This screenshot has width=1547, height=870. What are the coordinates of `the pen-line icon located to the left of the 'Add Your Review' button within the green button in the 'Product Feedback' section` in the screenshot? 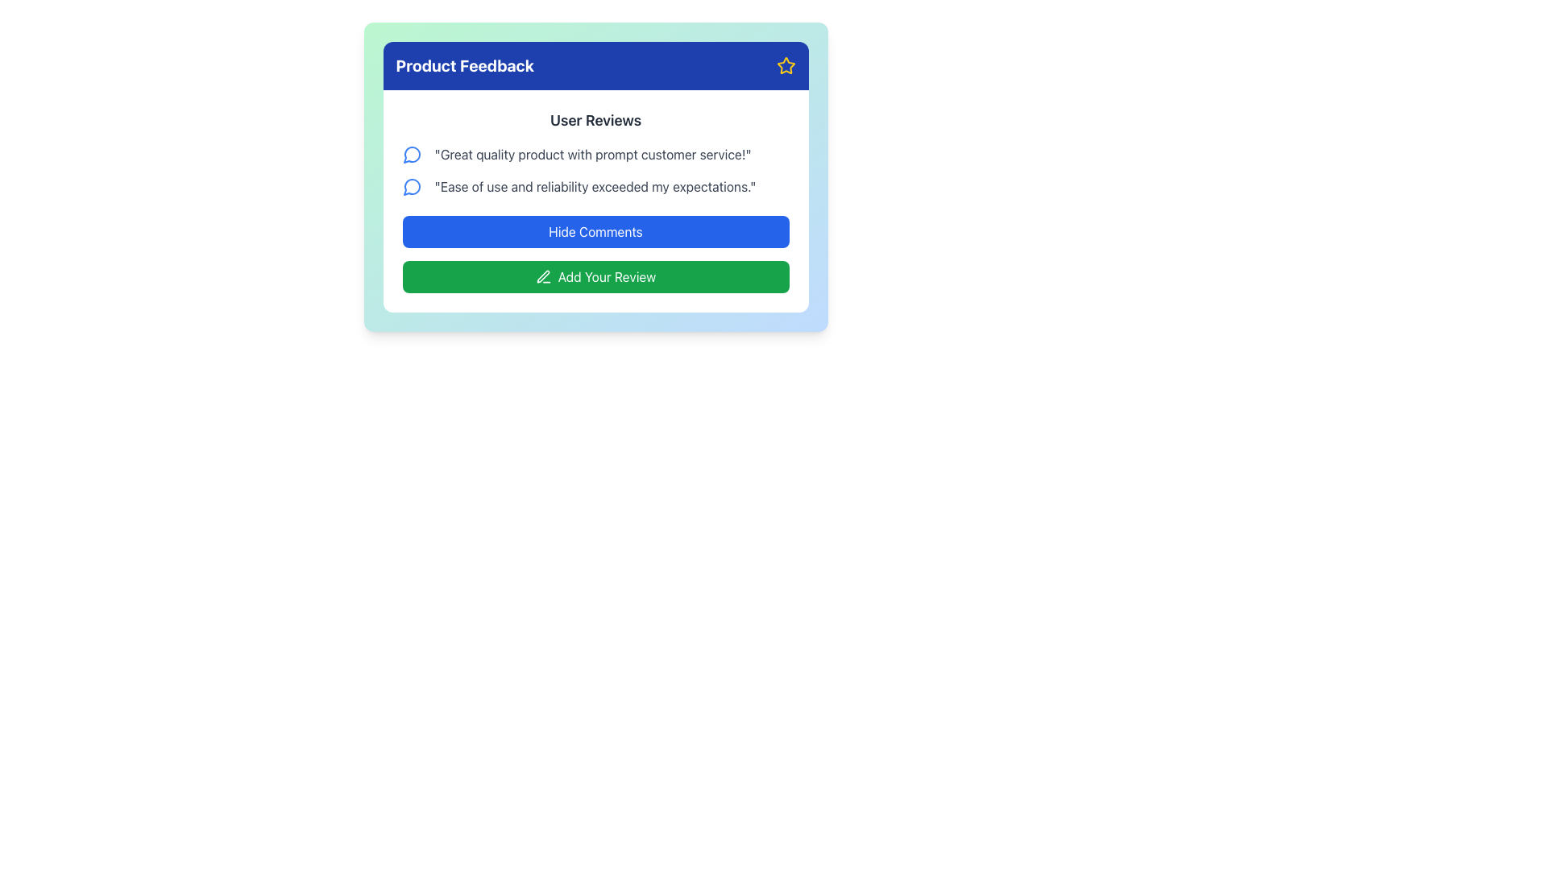 It's located at (543, 275).